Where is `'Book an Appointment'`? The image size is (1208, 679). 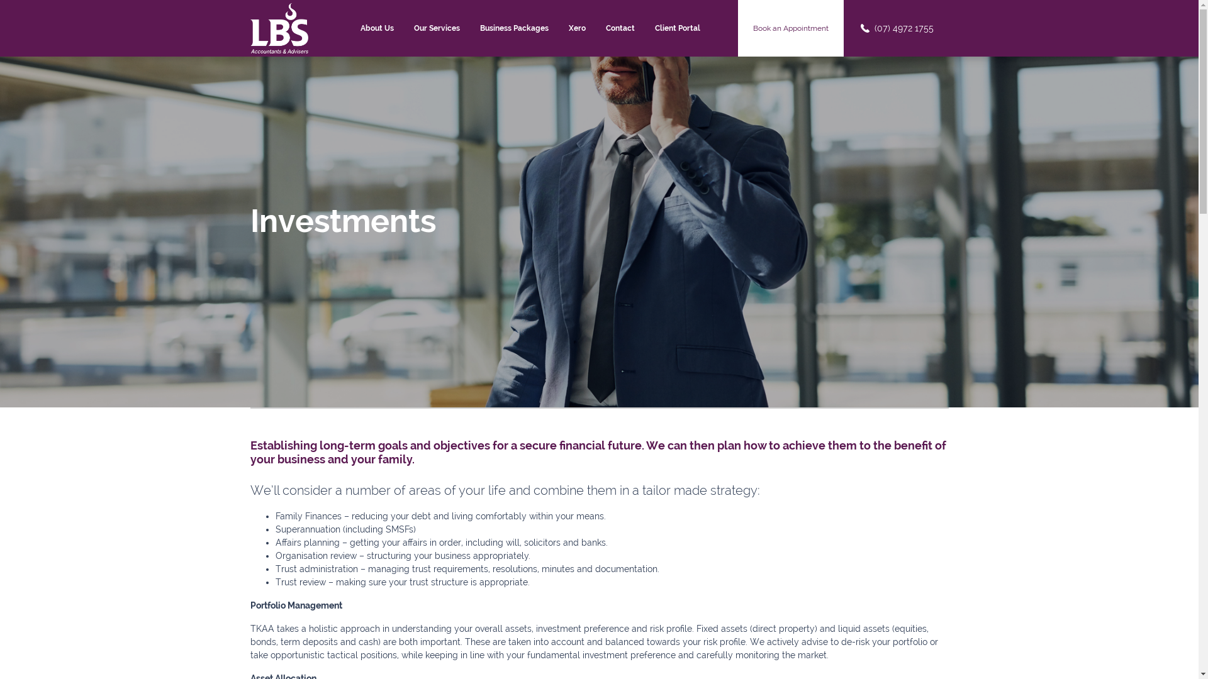
'Book an Appointment' is located at coordinates (790, 28).